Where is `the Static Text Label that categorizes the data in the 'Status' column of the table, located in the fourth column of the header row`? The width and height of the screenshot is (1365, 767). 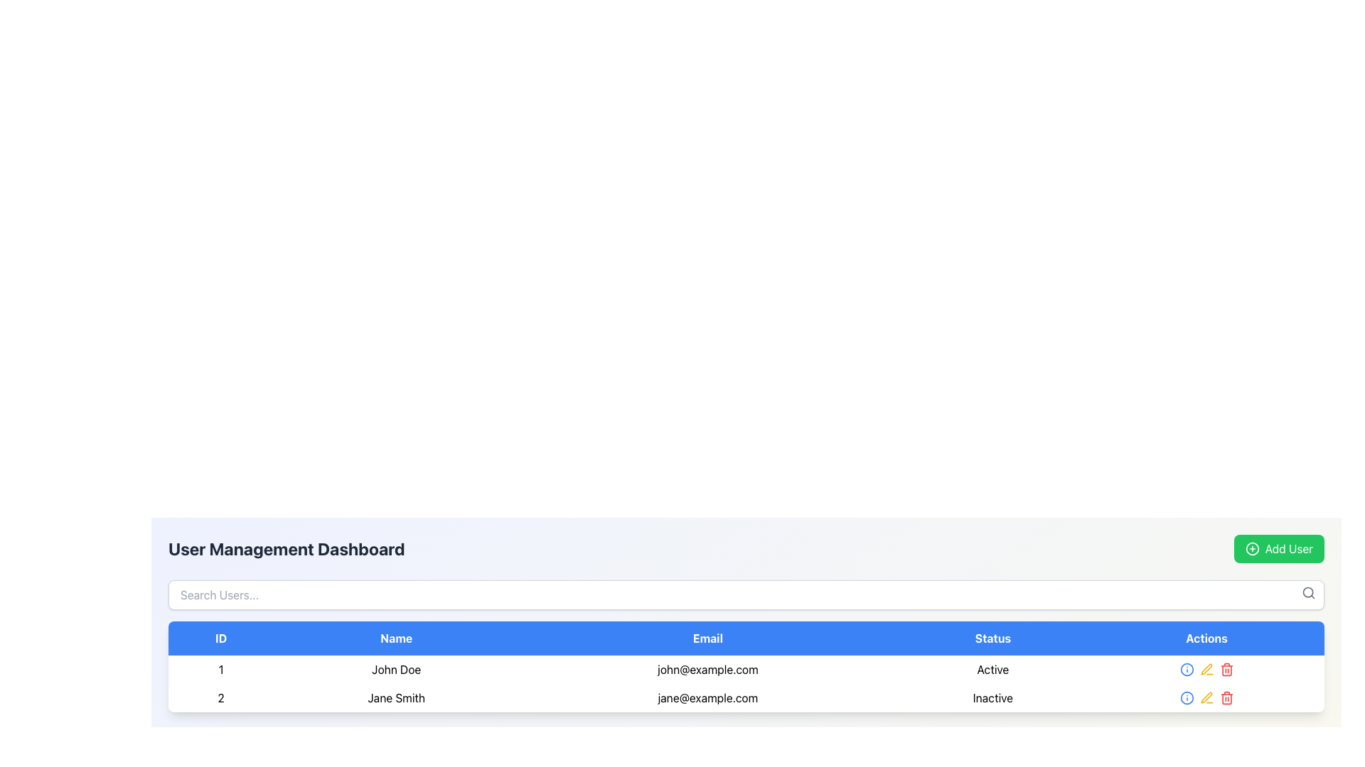 the Static Text Label that categorizes the data in the 'Status' column of the table, located in the fourth column of the header row is located at coordinates (992, 637).